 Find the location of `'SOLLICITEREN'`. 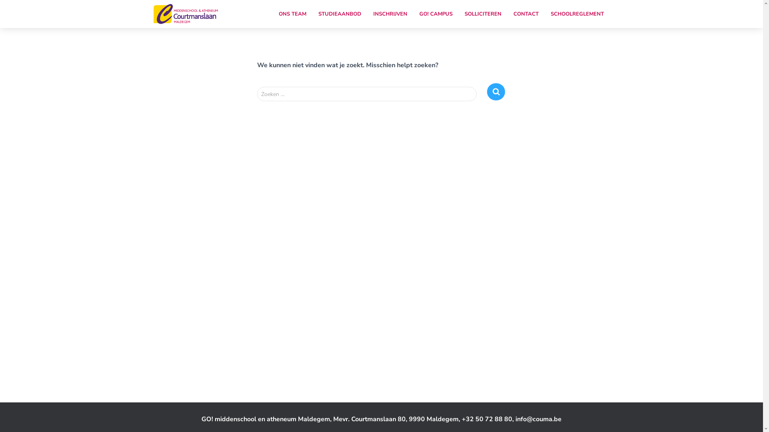

'SOLLICITEREN' is located at coordinates (482, 14).